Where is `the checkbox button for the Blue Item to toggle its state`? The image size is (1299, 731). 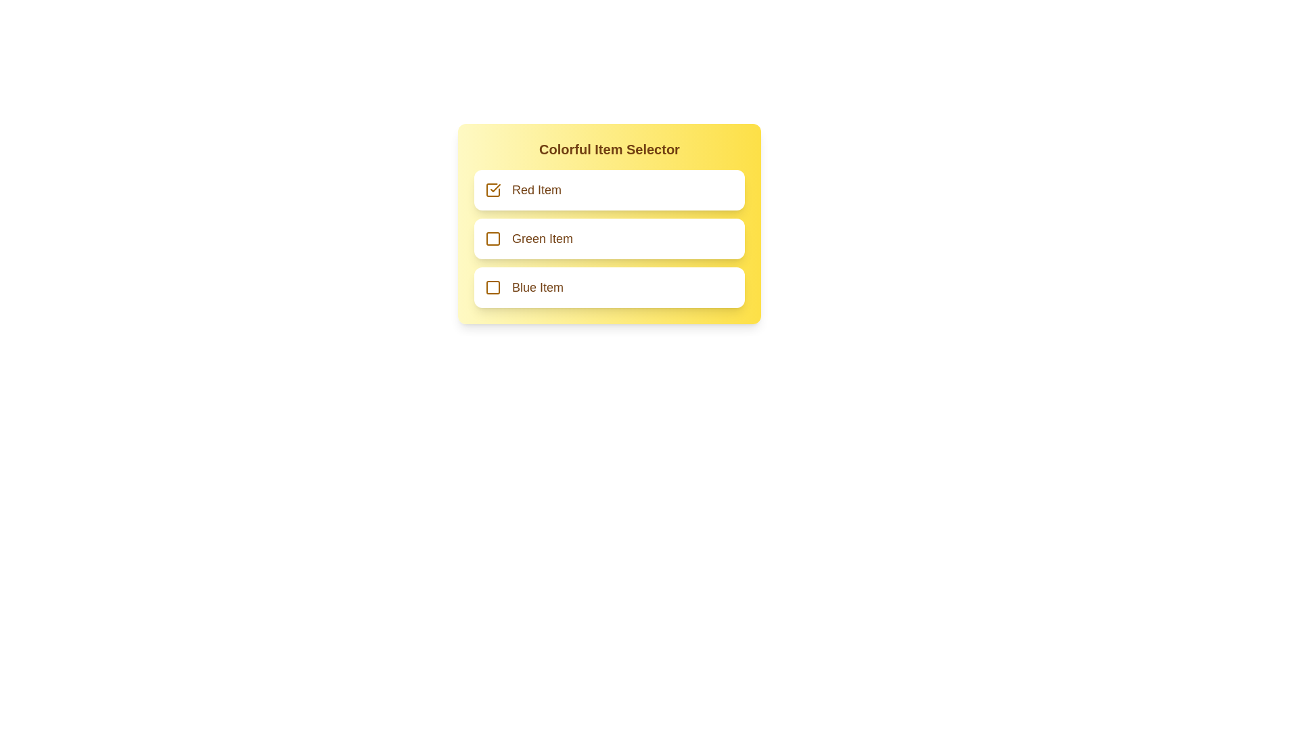
the checkbox button for the Blue Item to toggle its state is located at coordinates (493, 286).